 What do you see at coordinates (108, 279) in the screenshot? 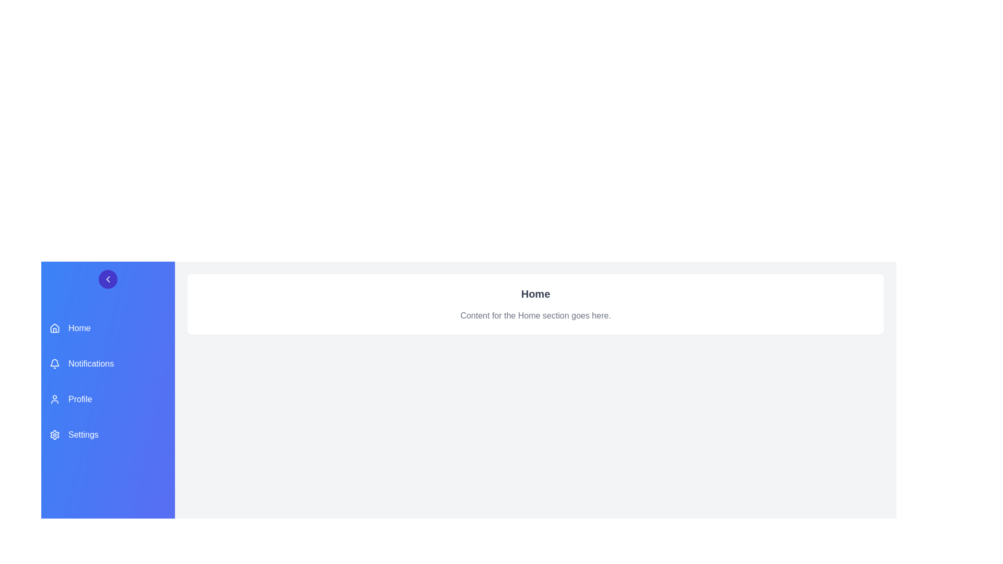
I see `the circular navigation button located at the top-left section of the sidebar to observe the hover effect` at bounding box center [108, 279].